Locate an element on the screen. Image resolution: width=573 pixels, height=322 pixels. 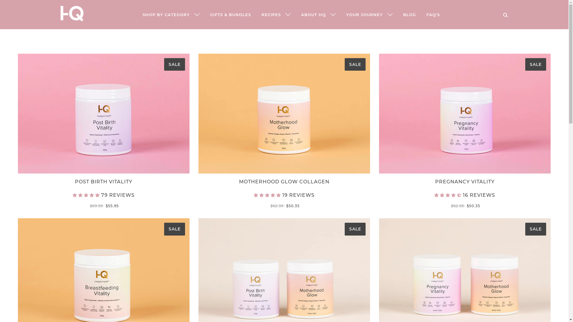
'$62.95 $50.35' is located at coordinates (284, 205).